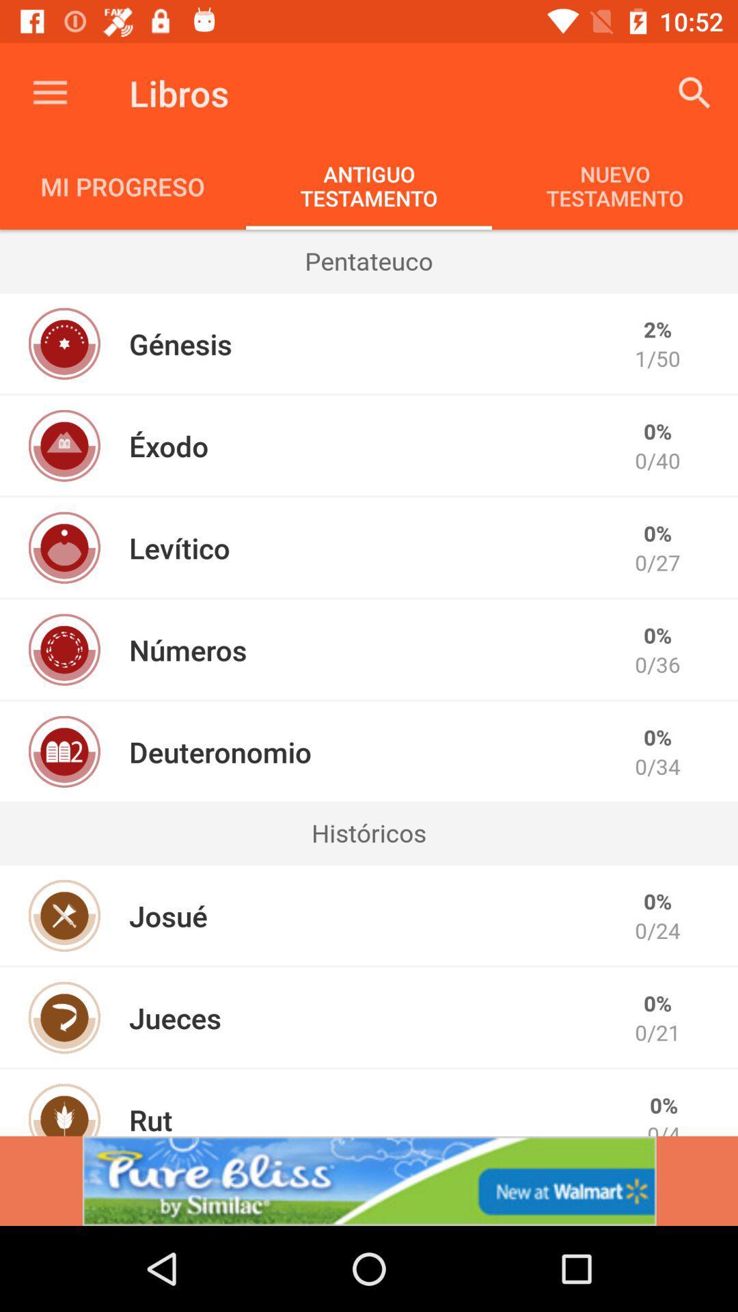 The height and width of the screenshot is (1312, 738). I want to click on the 2% icon, so click(657, 329).